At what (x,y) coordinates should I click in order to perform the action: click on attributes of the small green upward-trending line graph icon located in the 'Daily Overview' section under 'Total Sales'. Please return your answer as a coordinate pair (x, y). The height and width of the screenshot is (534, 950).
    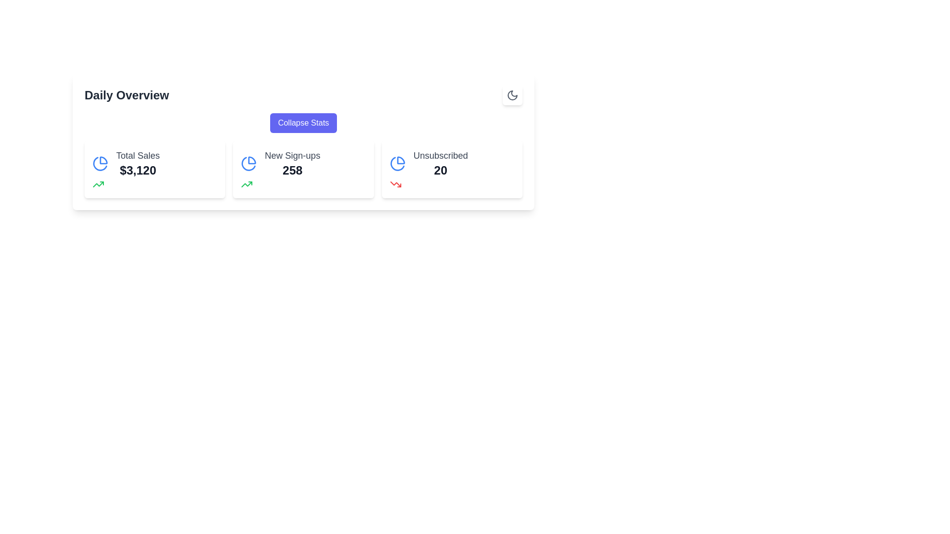
    Looking at the image, I should click on (98, 184).